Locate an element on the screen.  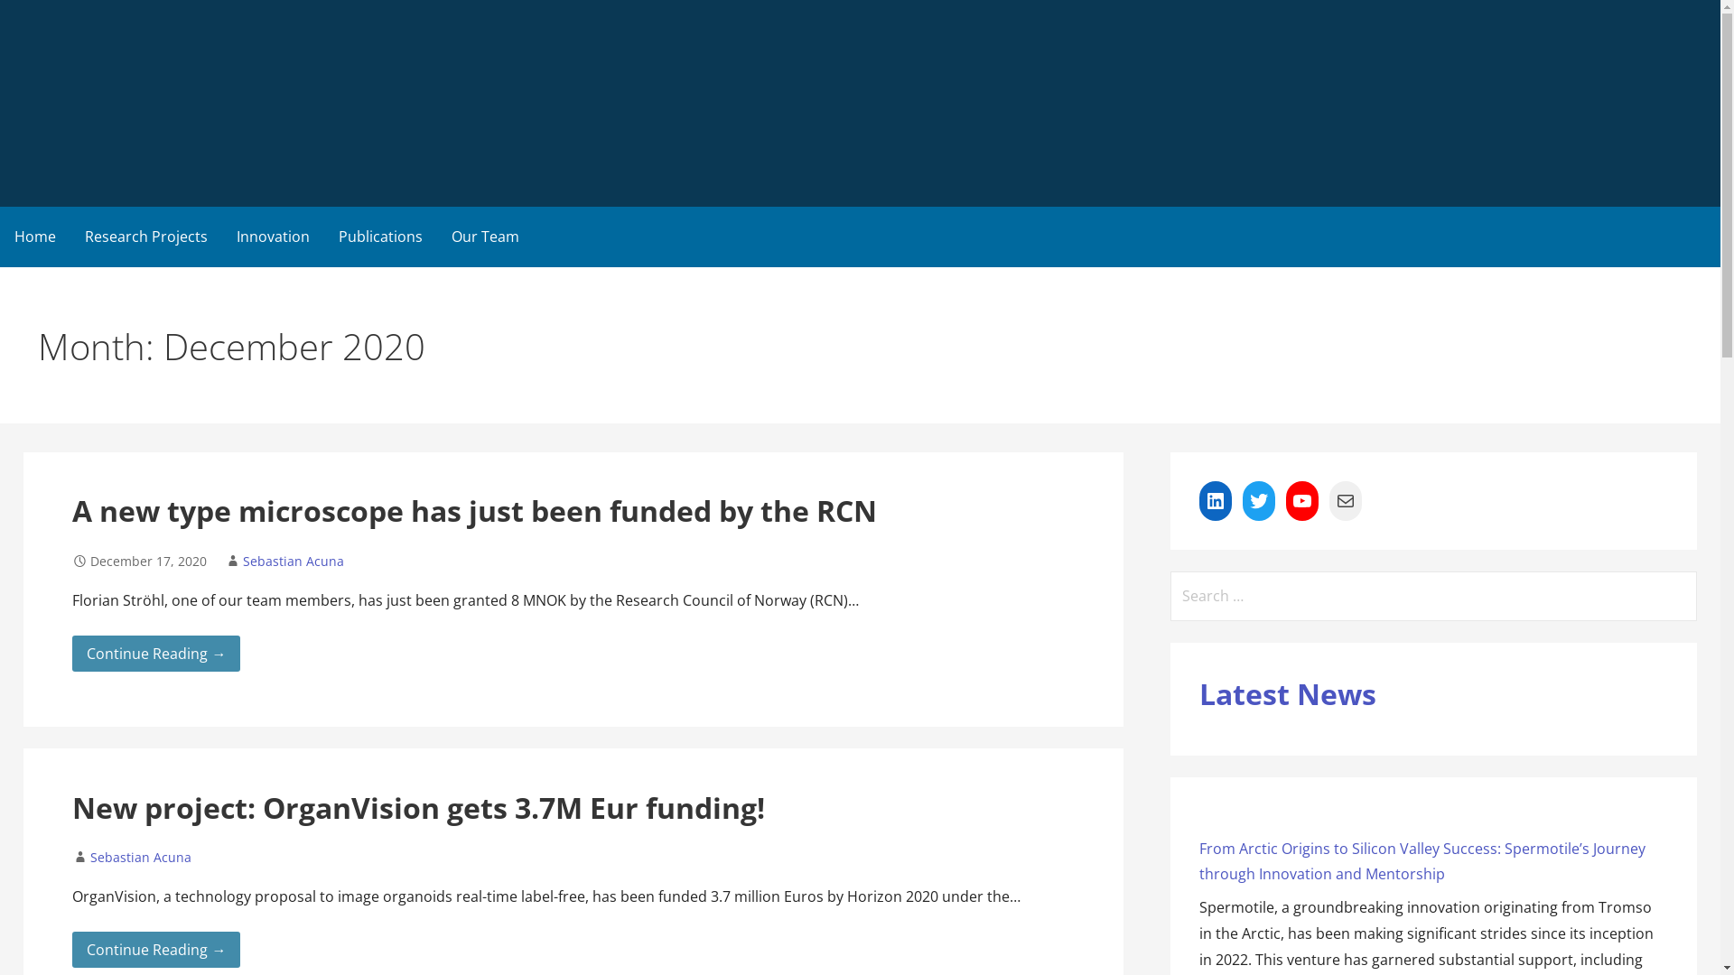
'Mail' is located at coordinates (1329, 501).